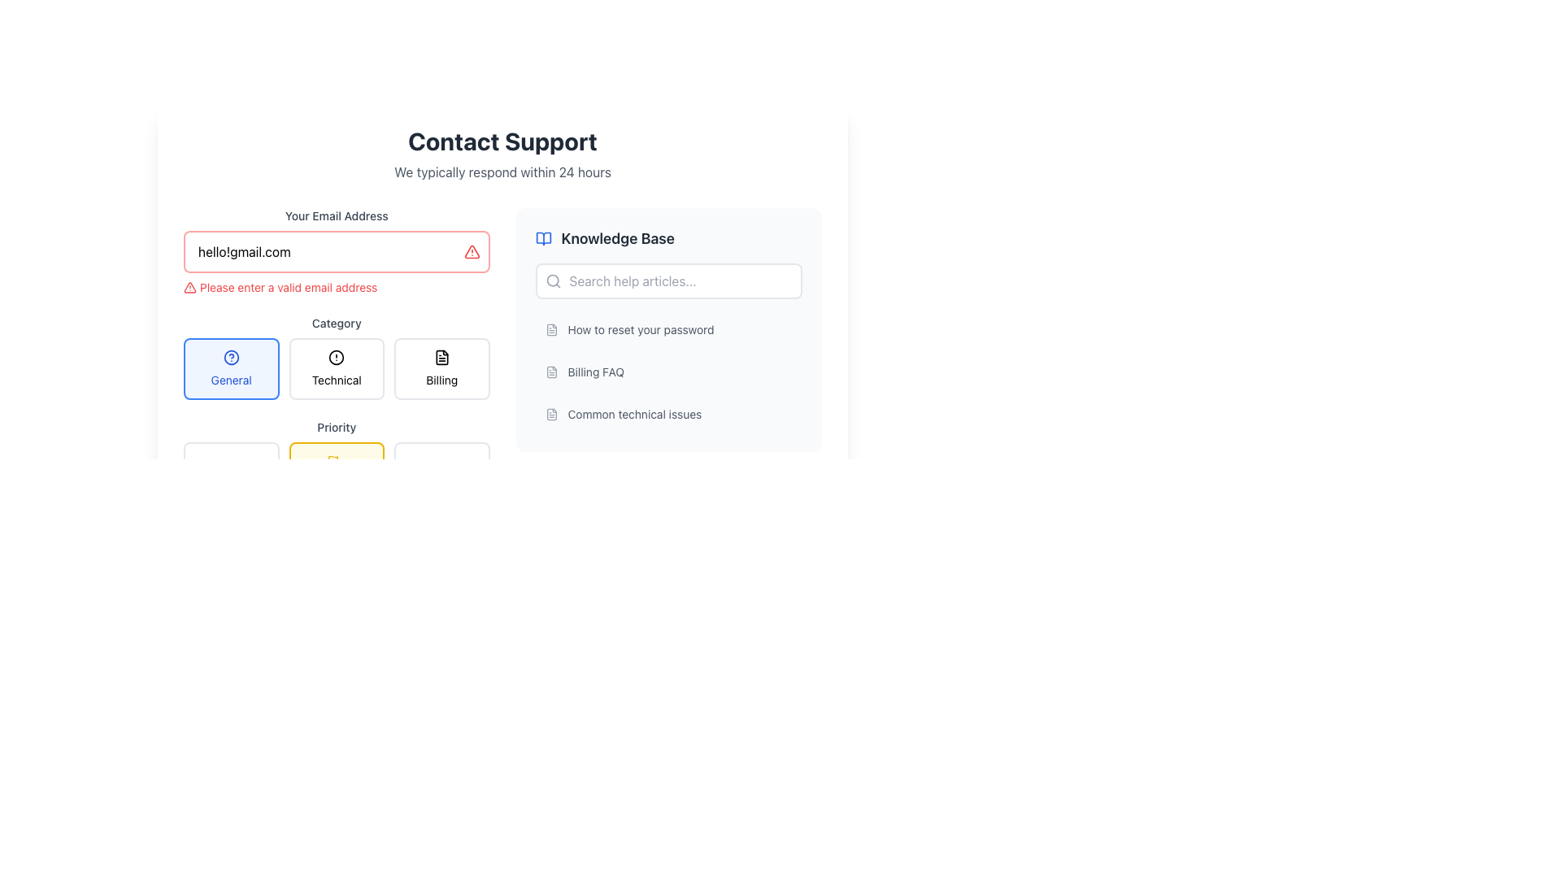 The height and width of the screenshot is (878, 1561). What do you see at coordinates (336, 426) in the screenshot?
I see `the text label displaying 'Priority', which is styled in gray and positioned above the buttons labeled 'Low', 'Medium', and 'High'` at bounding box center [336, 426].